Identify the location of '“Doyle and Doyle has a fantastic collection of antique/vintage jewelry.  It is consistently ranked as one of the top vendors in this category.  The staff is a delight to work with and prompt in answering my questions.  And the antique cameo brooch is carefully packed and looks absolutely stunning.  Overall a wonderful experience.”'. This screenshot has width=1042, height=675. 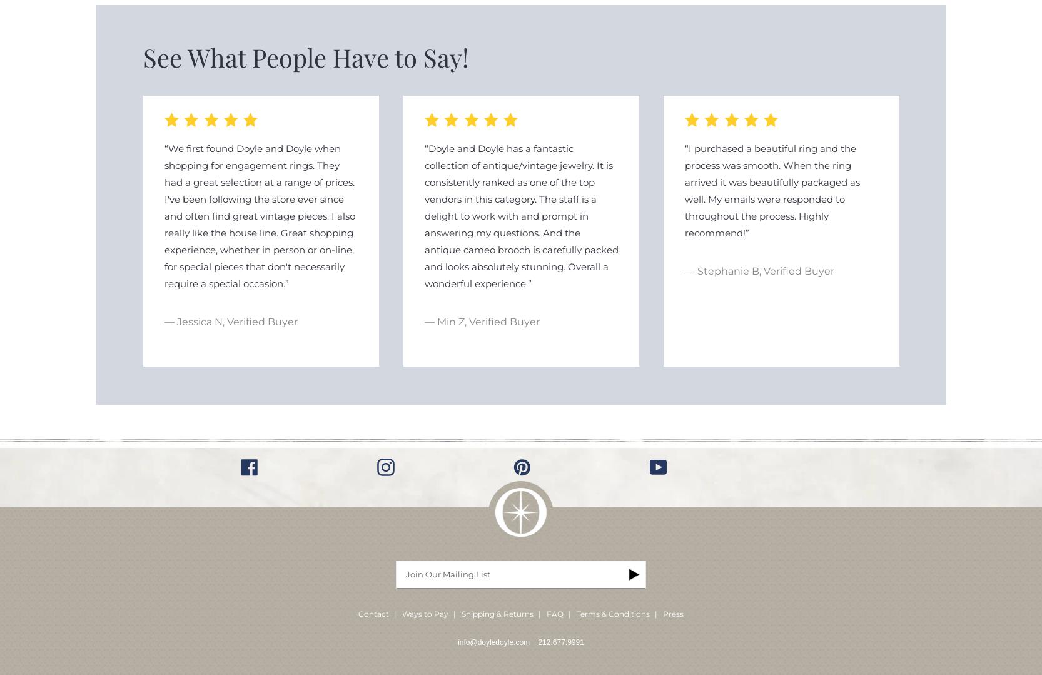
(521, 216).